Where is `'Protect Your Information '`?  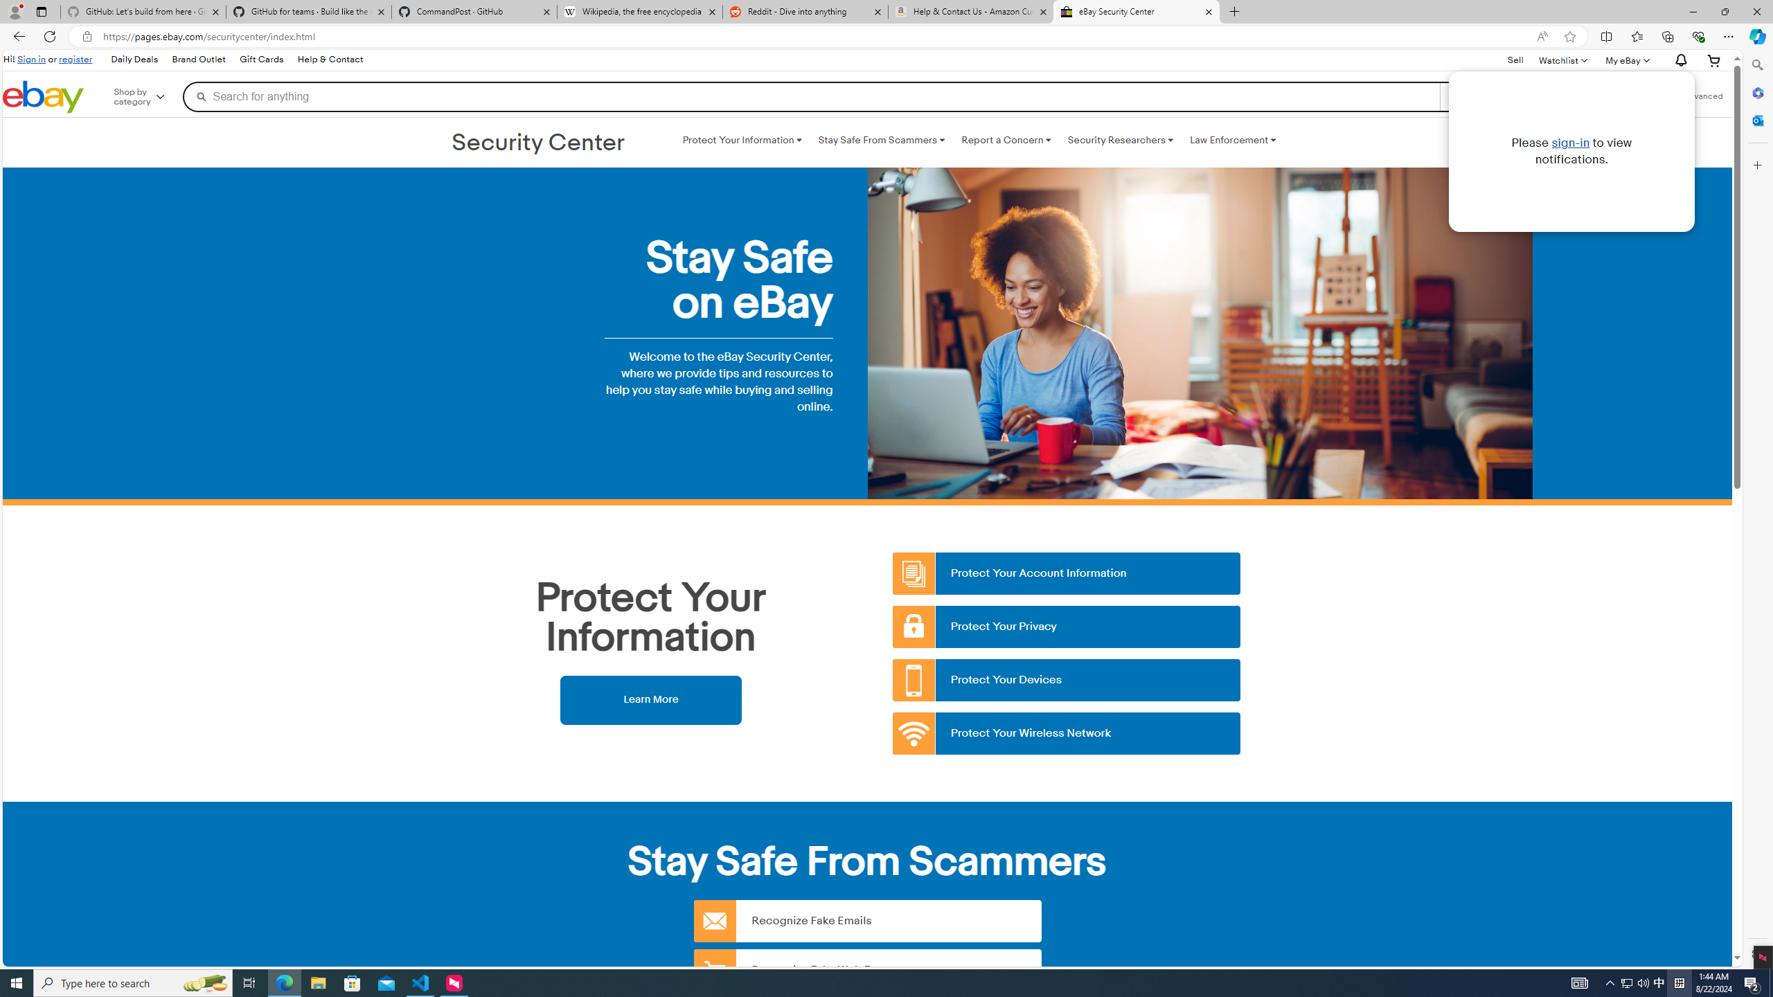
'Protect Your Information ' is located at coordinates (742, 140).